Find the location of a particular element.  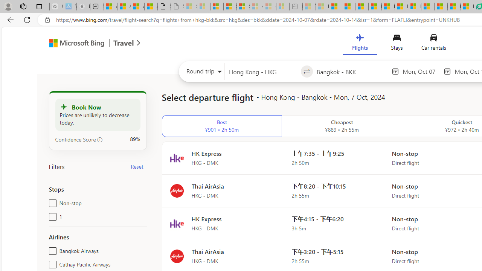

'Sign in to your Microsoft account - Sleeping' is located at coordinates (191, 6).